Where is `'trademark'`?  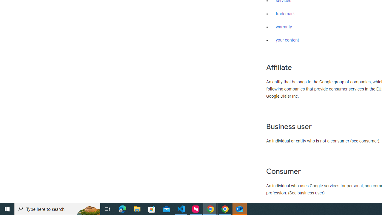
'trademark' is located at coordinates (285, 14).